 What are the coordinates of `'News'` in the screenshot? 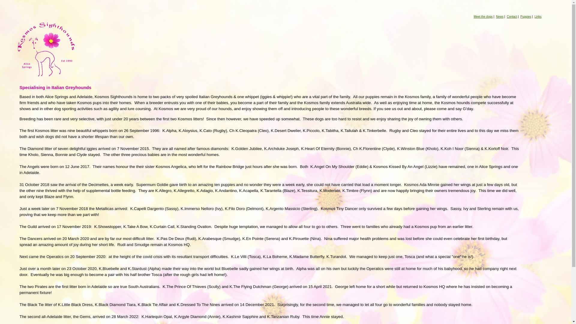 It's located at (499, 16).